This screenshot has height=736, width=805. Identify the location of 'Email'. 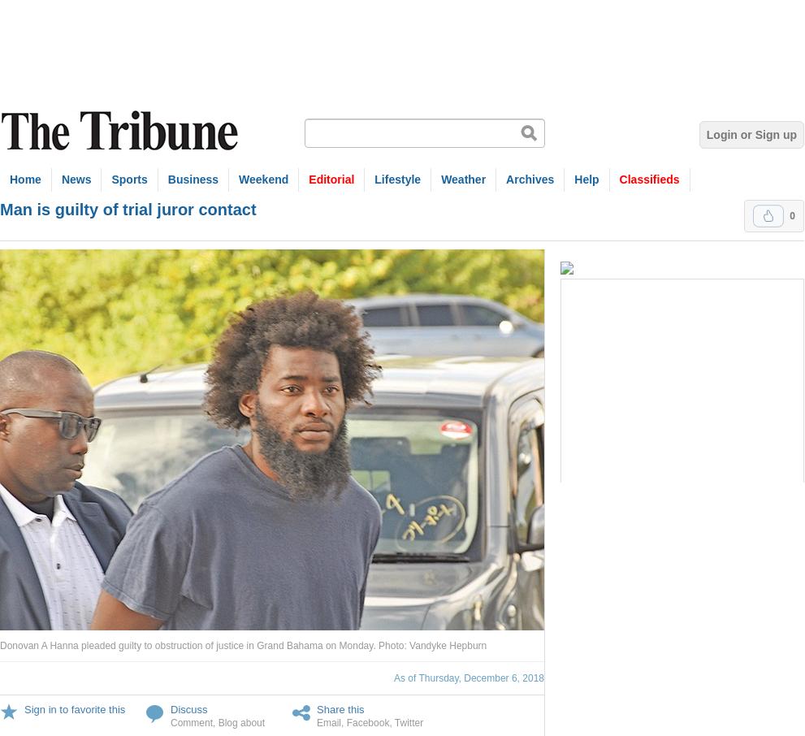
(328, 722).